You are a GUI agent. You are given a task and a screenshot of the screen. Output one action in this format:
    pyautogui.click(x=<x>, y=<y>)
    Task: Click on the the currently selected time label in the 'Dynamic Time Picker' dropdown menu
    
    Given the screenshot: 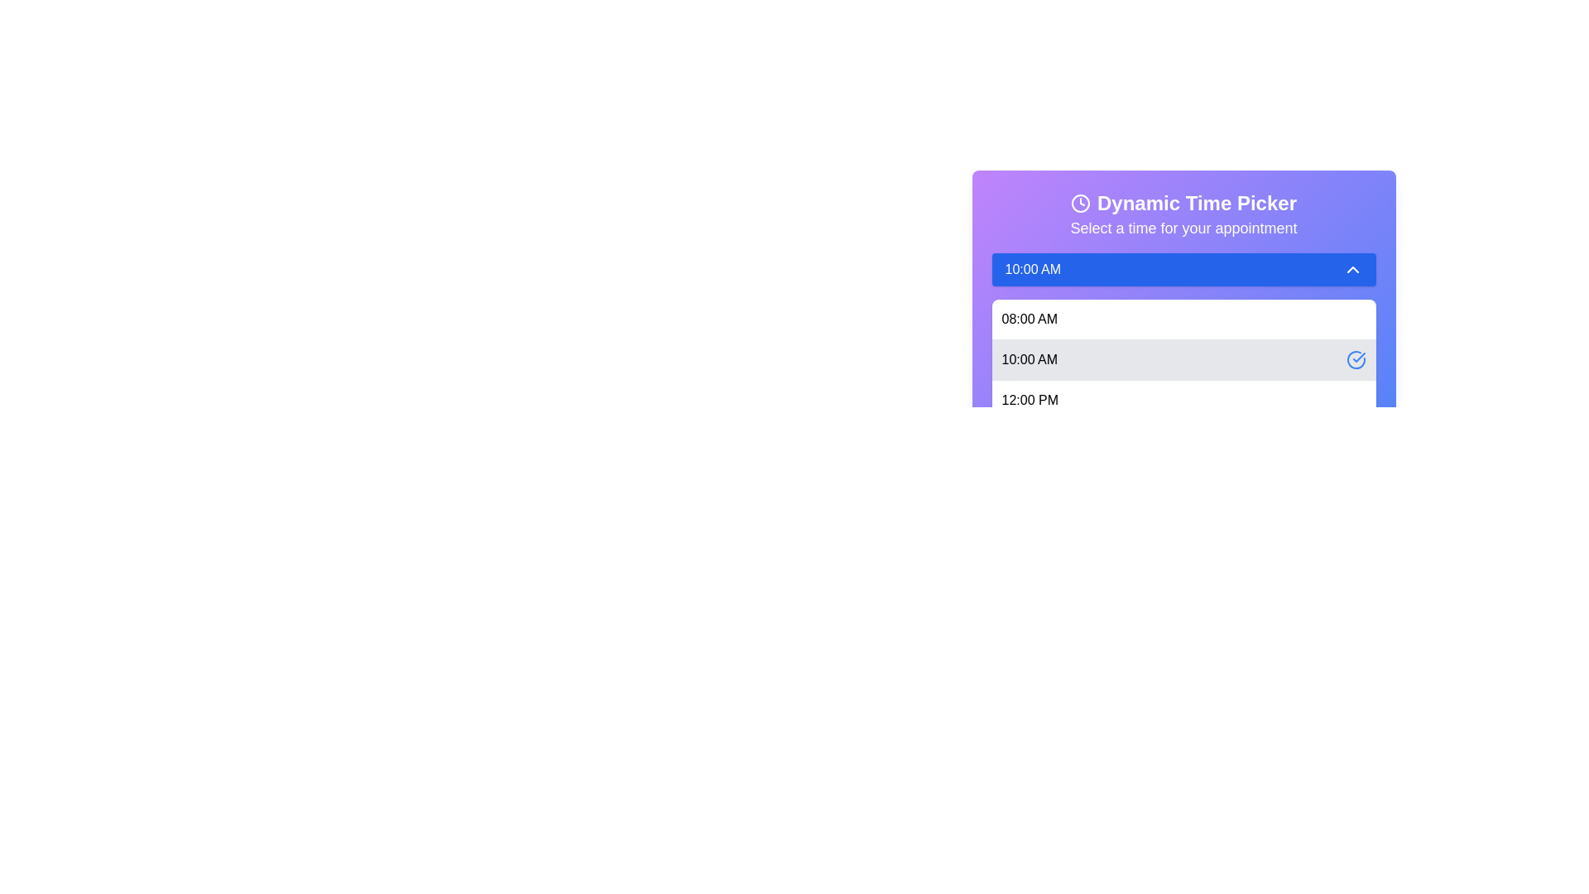 What is the action you would take?
    pyautogui.click(x=1032, y=269)
    